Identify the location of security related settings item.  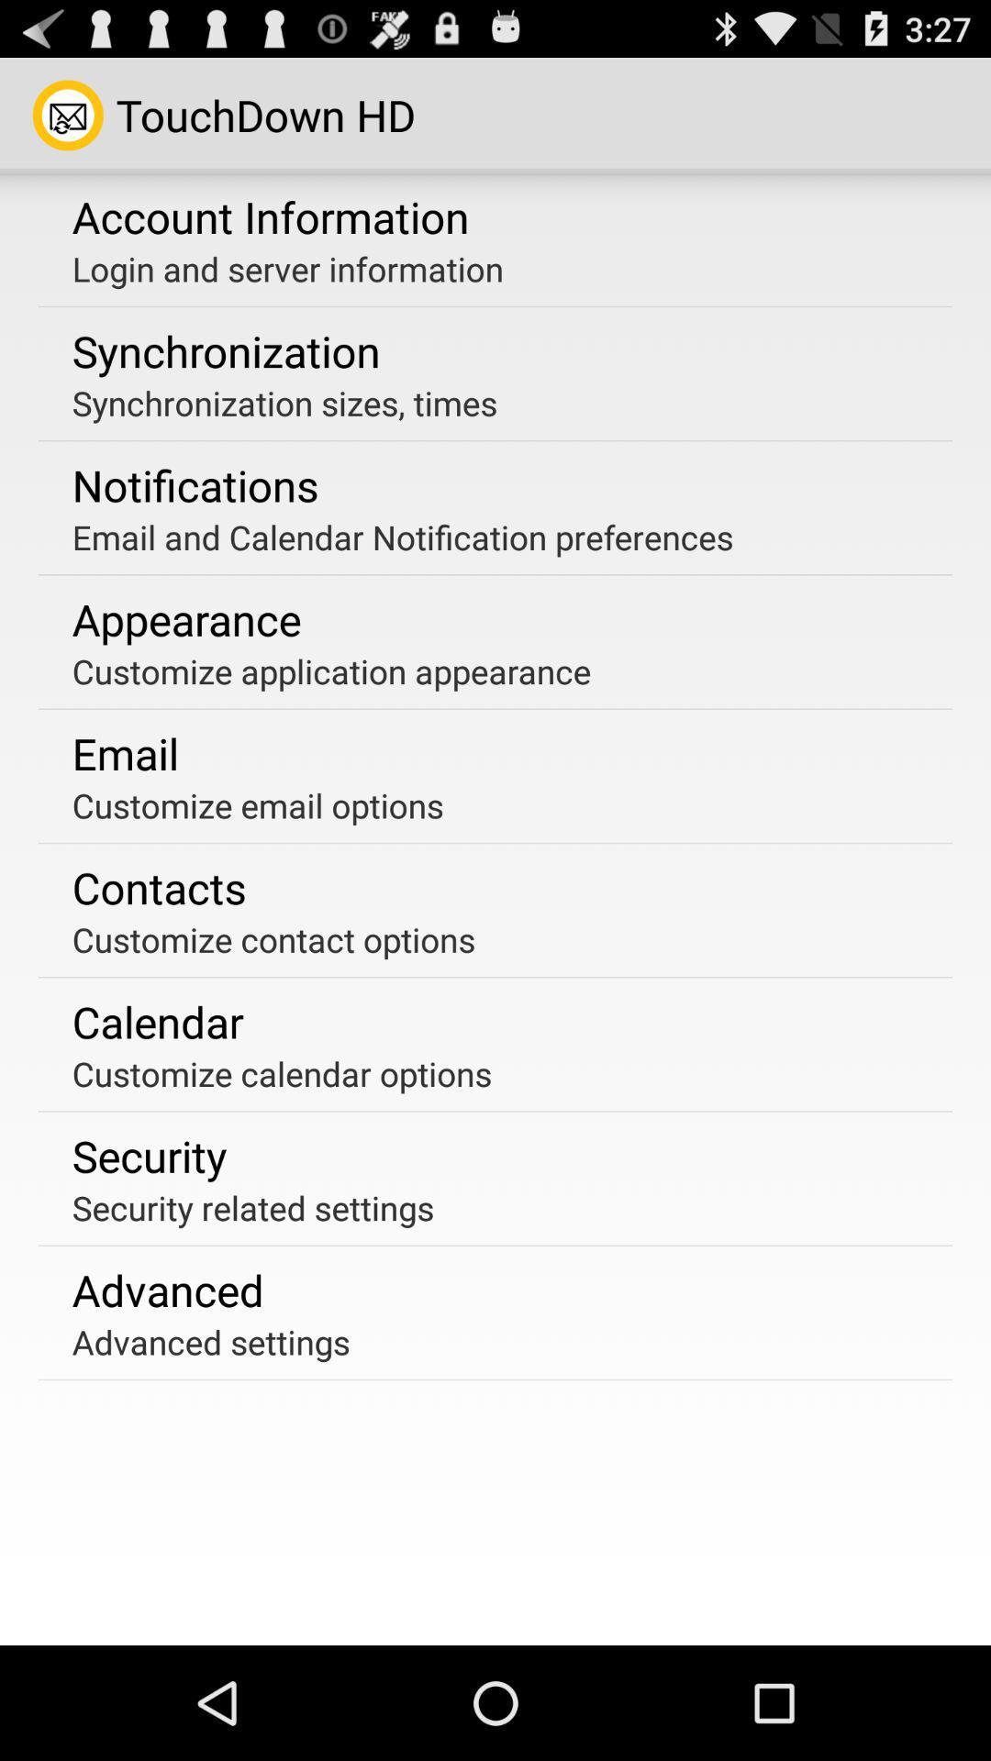
(253, 1207).